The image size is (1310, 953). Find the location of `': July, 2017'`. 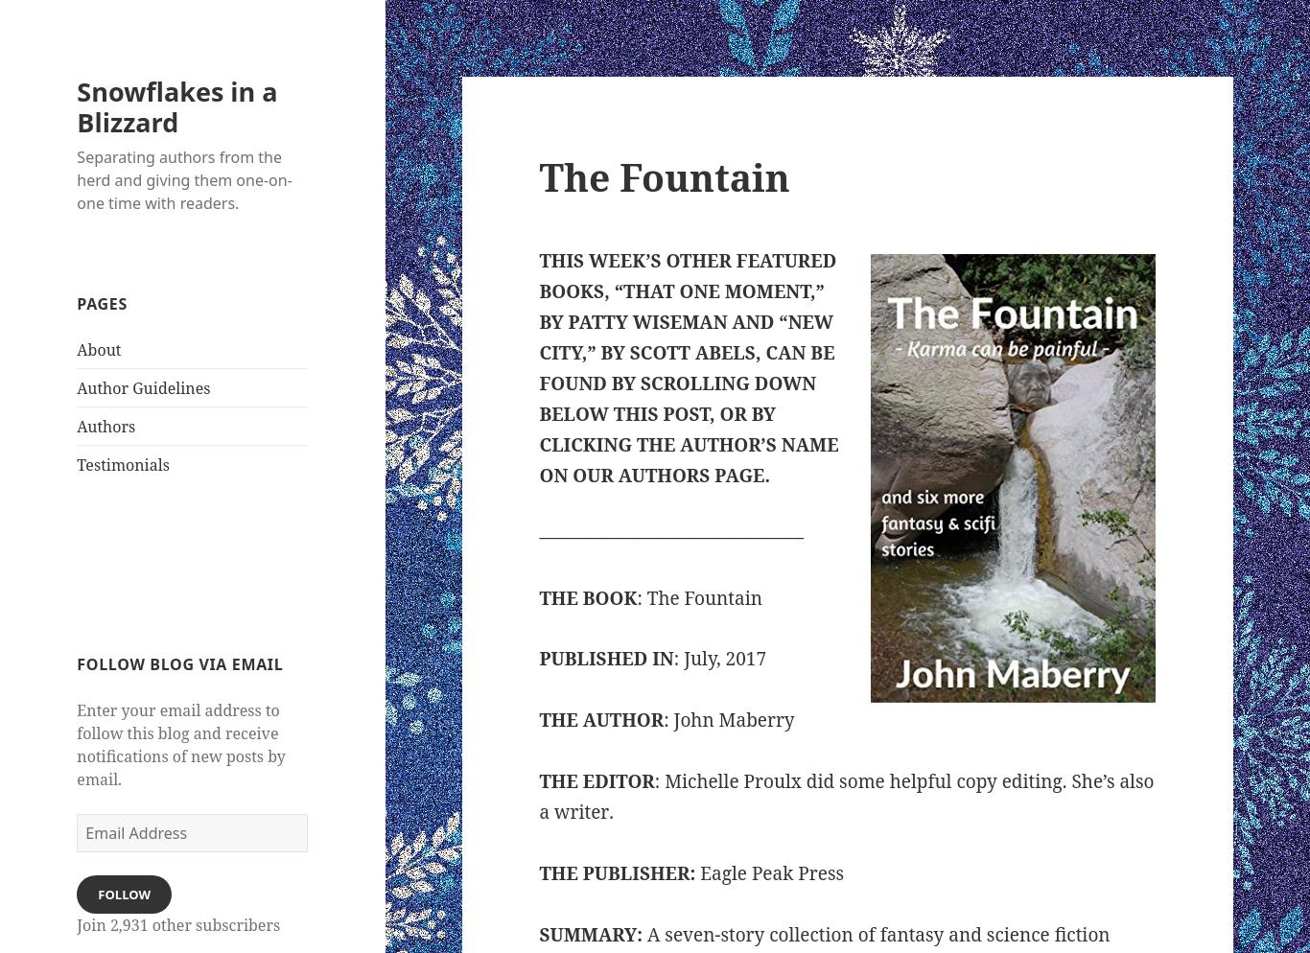

': July, 2017' is located at coordinates (719, 657).